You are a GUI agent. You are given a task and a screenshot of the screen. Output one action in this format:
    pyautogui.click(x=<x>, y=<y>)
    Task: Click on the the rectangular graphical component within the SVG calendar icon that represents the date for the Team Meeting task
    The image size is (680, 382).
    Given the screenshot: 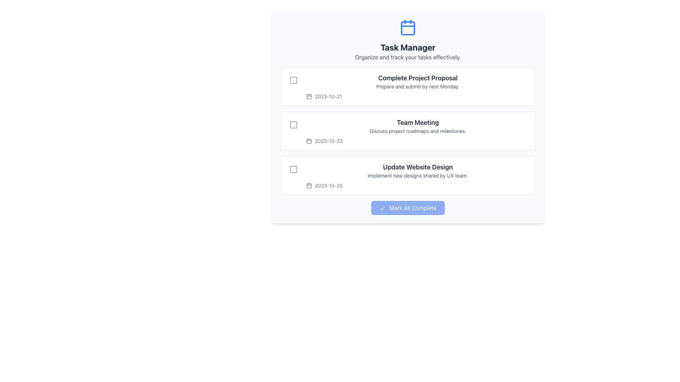 What is the action you would take?
    pyautogui.click(x=309, y=141)
    